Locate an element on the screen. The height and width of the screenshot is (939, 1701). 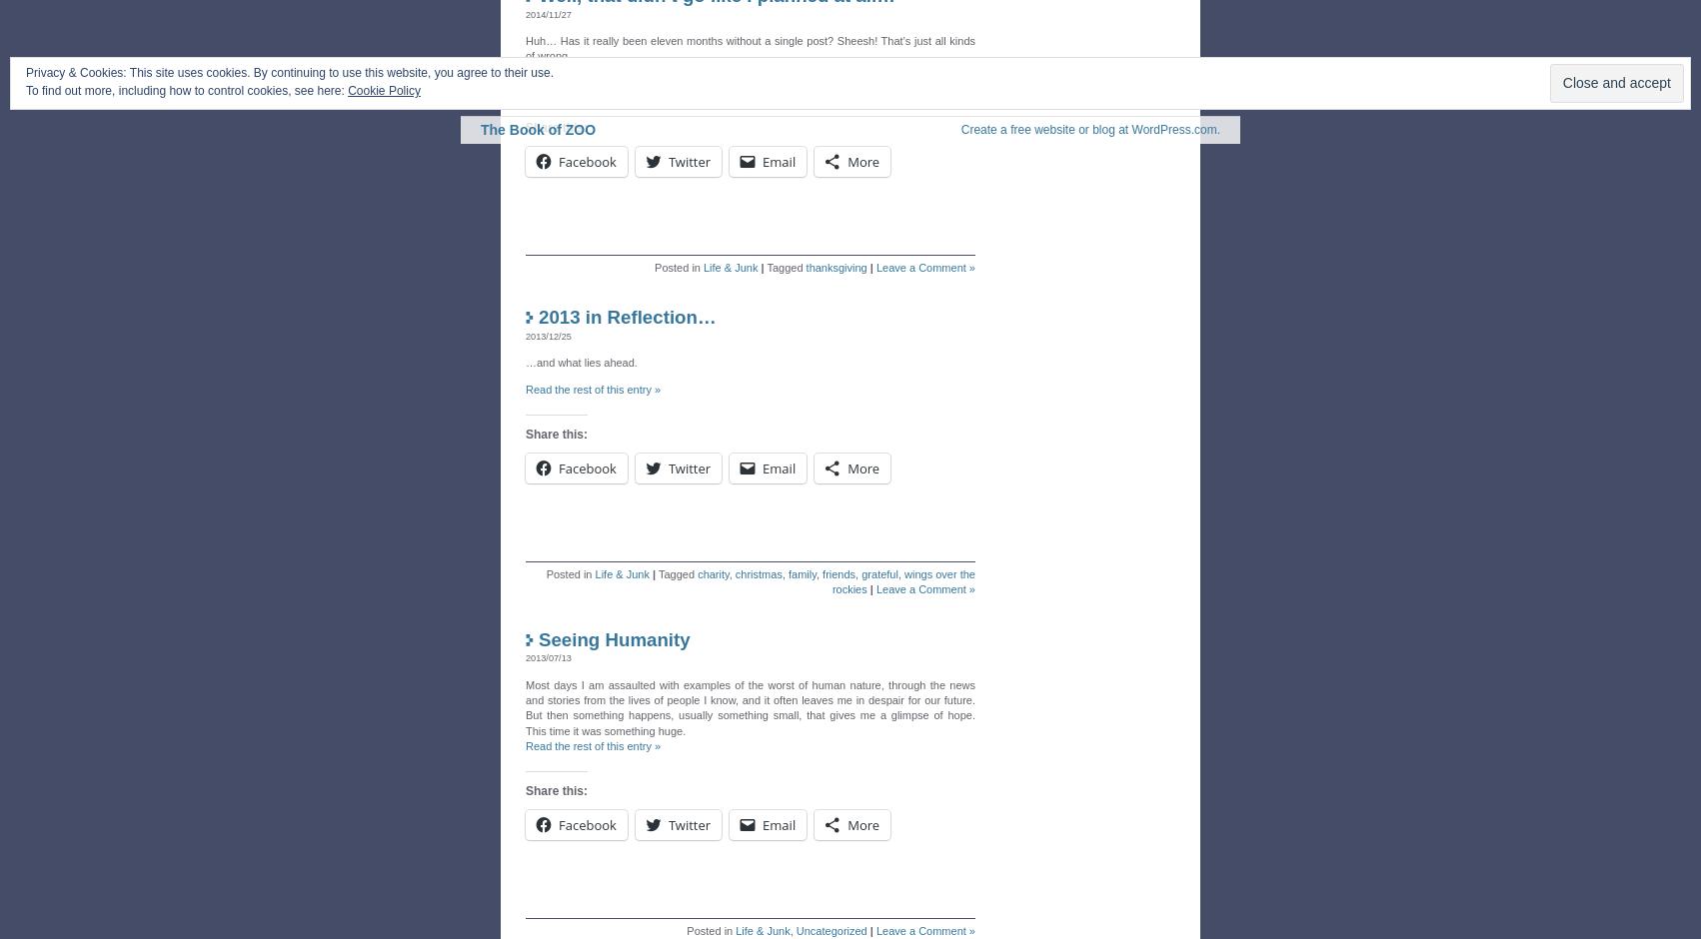
'2013 in Reflection…' is located at coordinates (627, 317).